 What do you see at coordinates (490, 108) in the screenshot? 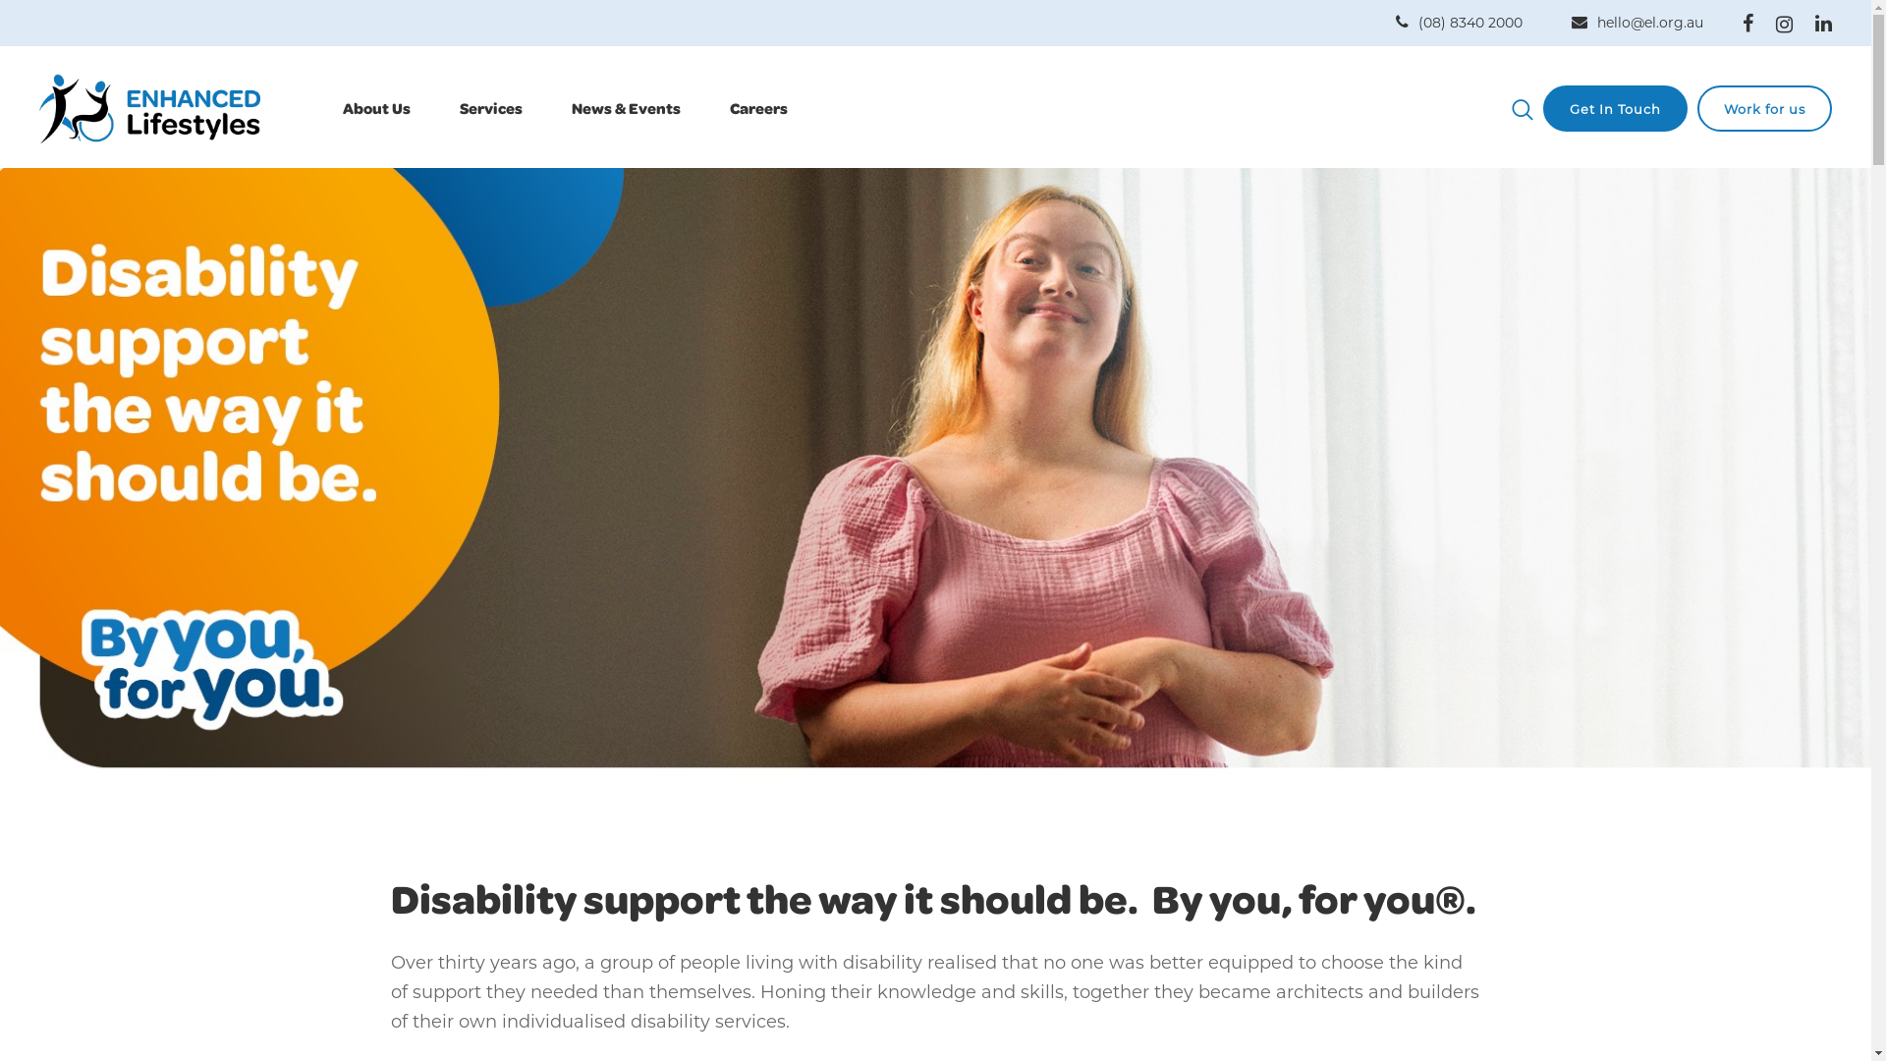
I see `'Services'` at bounding box center [490, 108].